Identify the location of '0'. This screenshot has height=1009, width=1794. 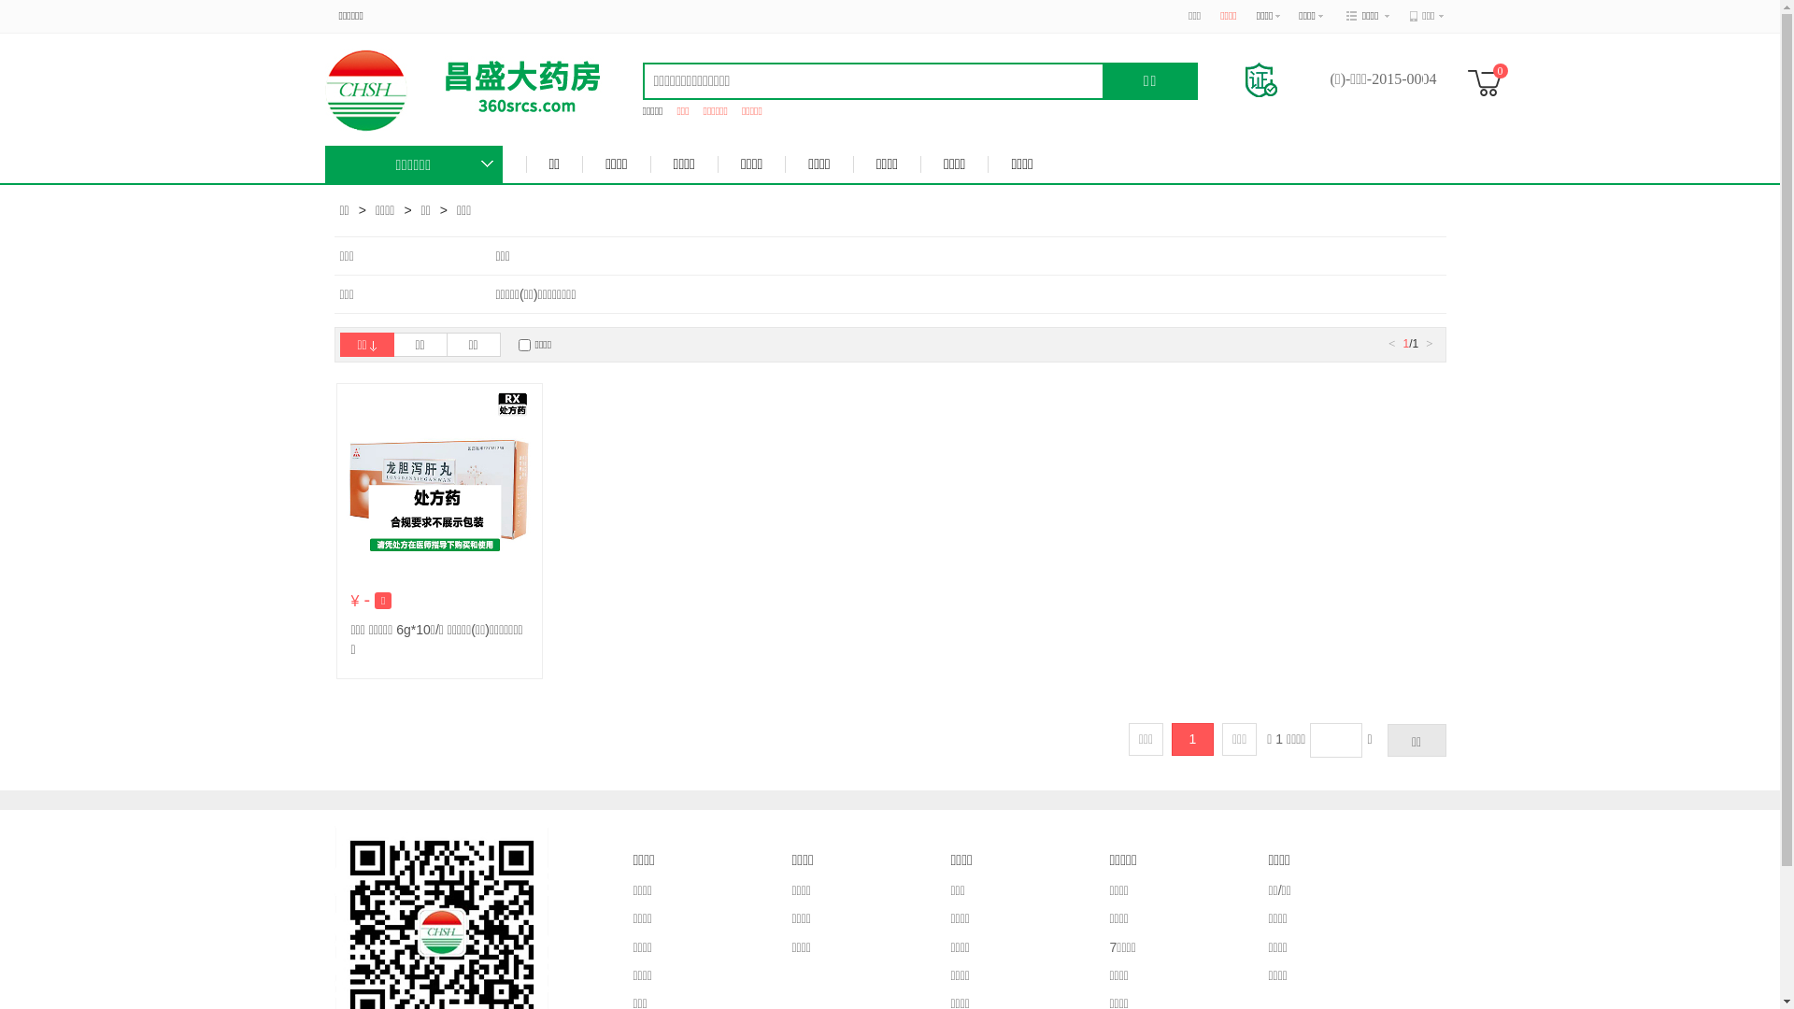
(1489, 81).